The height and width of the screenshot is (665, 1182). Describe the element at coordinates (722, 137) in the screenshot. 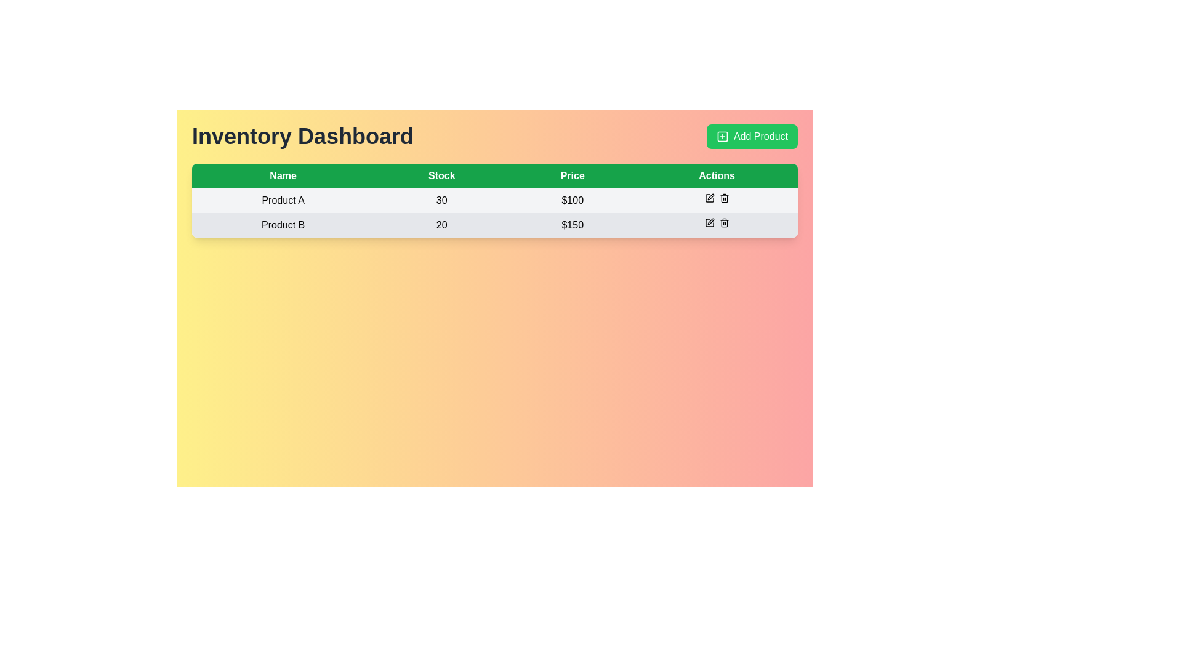

I see `the 'Add Product' button which contains a green square icon with rounded corners, part of a plus symbol, located in the top-right corner of the interface` at that location.